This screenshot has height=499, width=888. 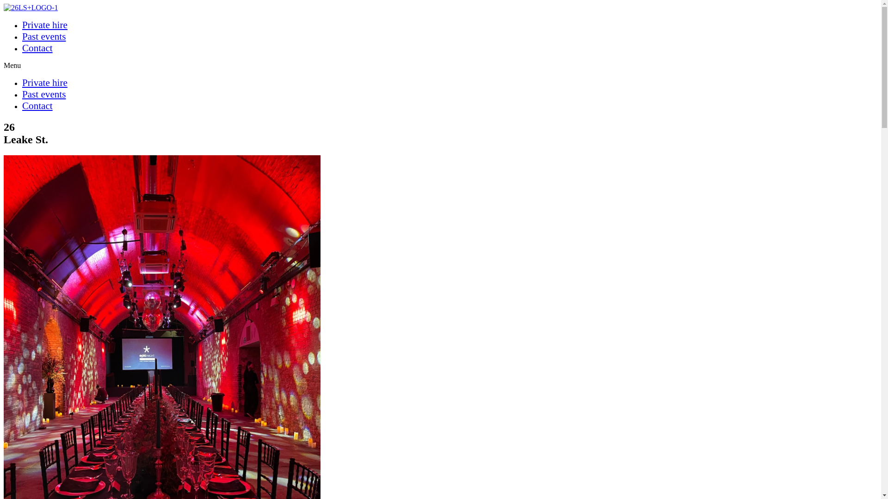 I want to click on 'Past events', so click(x=43, y=94).